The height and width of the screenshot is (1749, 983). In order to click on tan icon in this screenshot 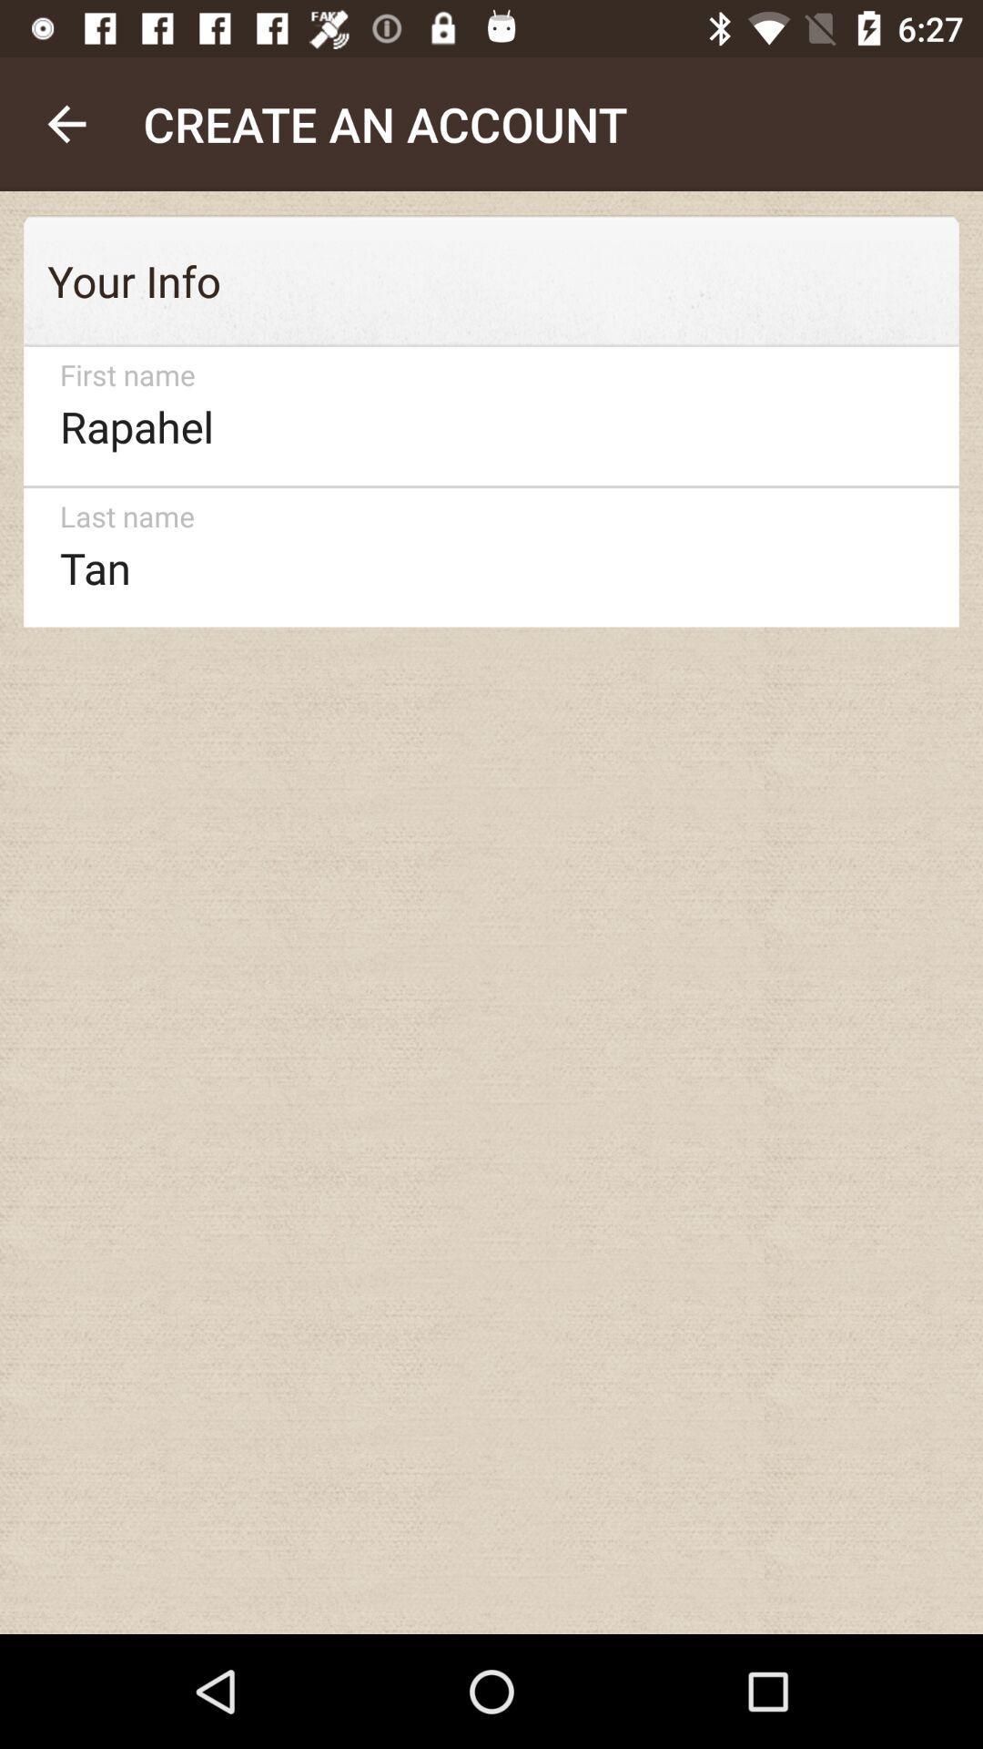, I will do `click(482, 557)`.